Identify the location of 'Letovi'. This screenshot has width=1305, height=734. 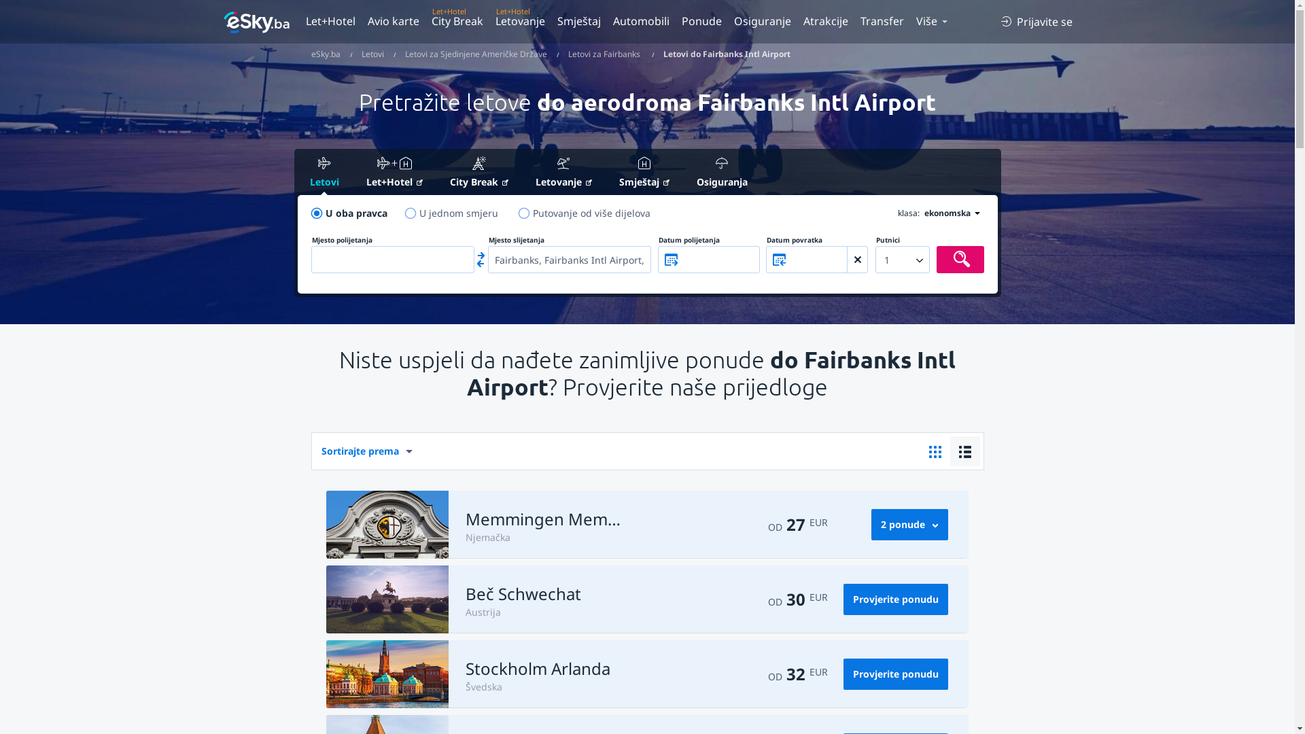
(296, 172).